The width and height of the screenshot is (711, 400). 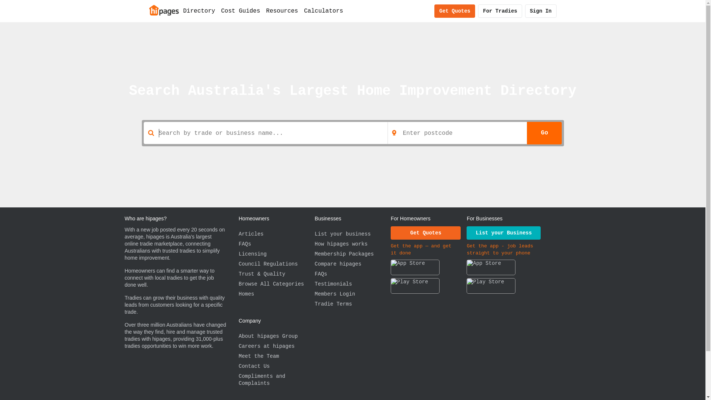 I want to click on 'Cost Guides', so click(x=240, y=11).